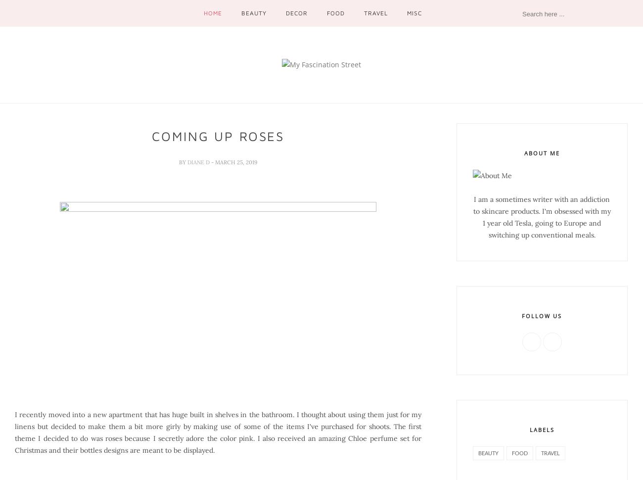  What do you see at coordinates (529, 429) in the screenshot?
I see `'Labels'` at bounding box center [529, 429].